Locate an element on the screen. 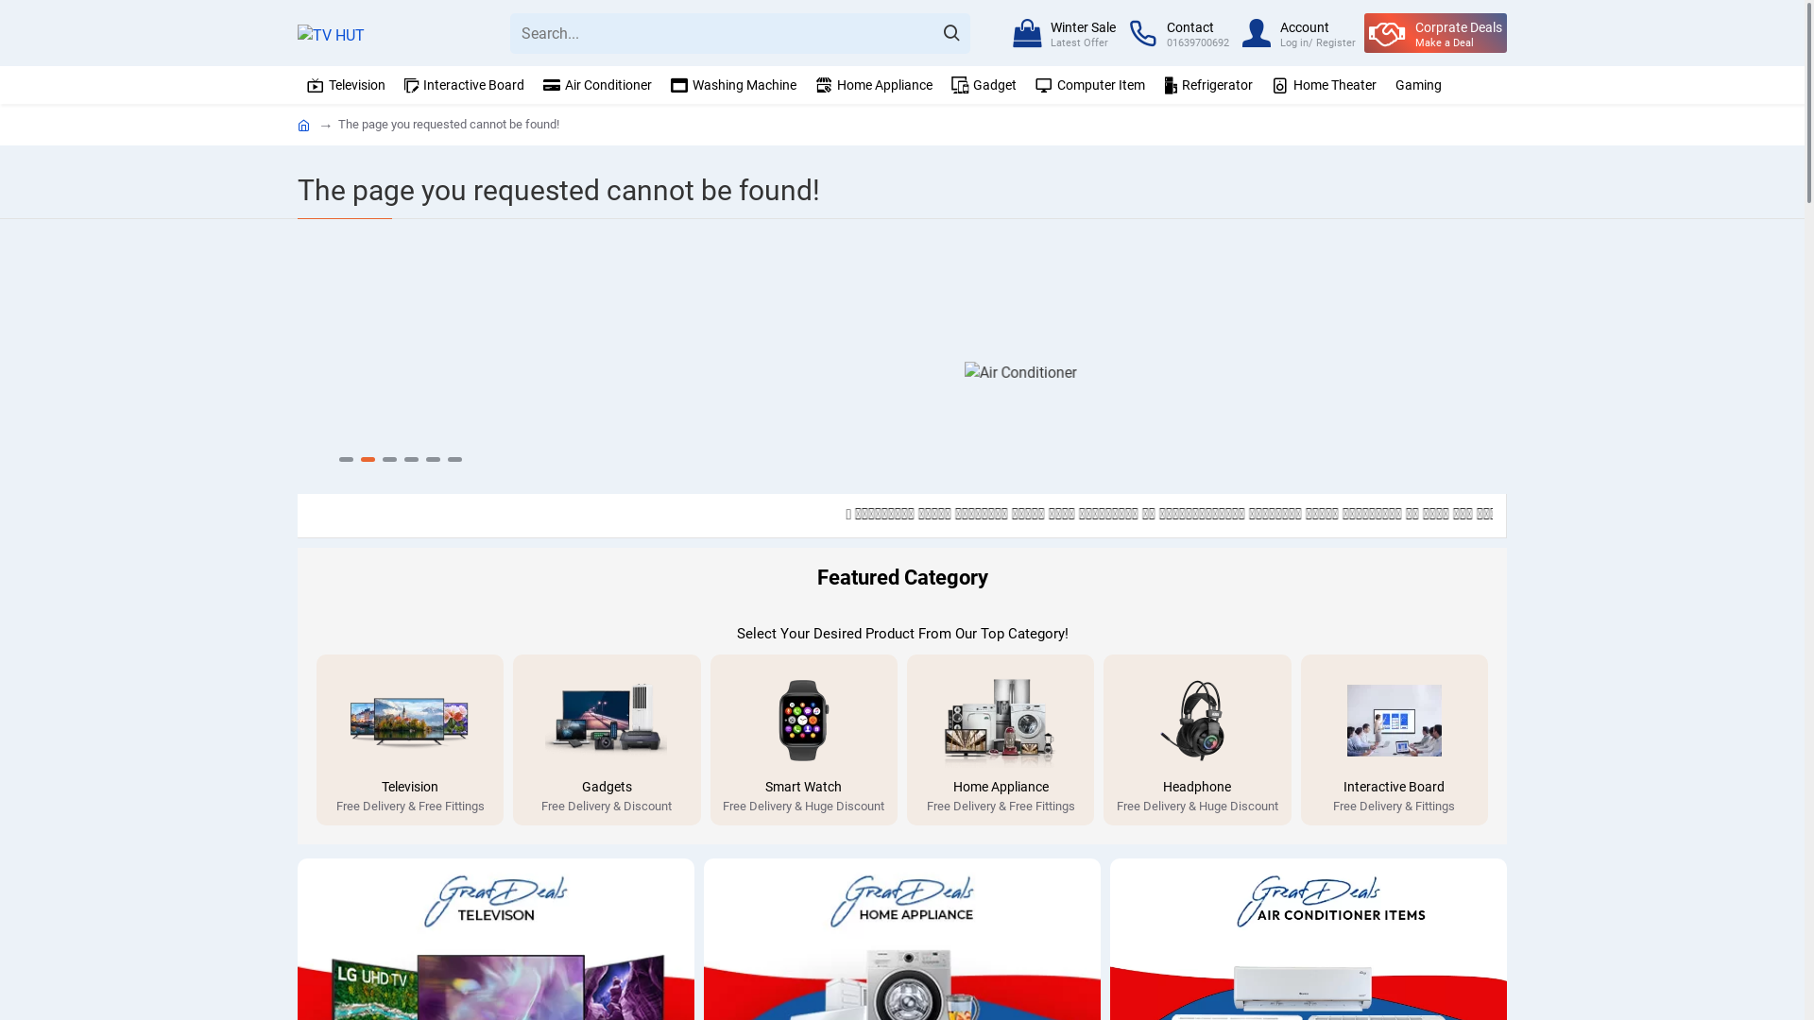 The height and width of the screenshot is (1020, 1814). 'Gadget' is located at coordinates (981, 83).